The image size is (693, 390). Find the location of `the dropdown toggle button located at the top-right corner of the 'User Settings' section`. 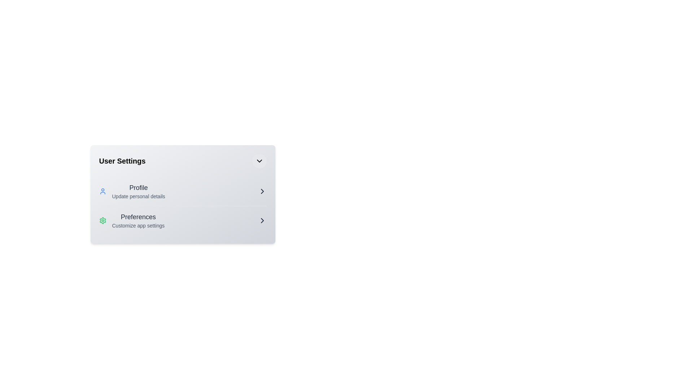

the dropdown toggle button located at the top-right corner of the 'User Settings' section is located at coordinates (259, 161).